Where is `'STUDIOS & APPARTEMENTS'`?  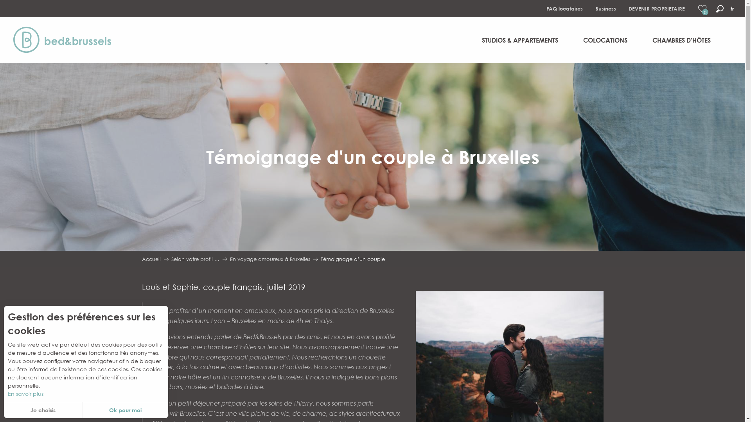
'STUDIOS & APPARTEMENTS' is located at coordinates (475, 40).